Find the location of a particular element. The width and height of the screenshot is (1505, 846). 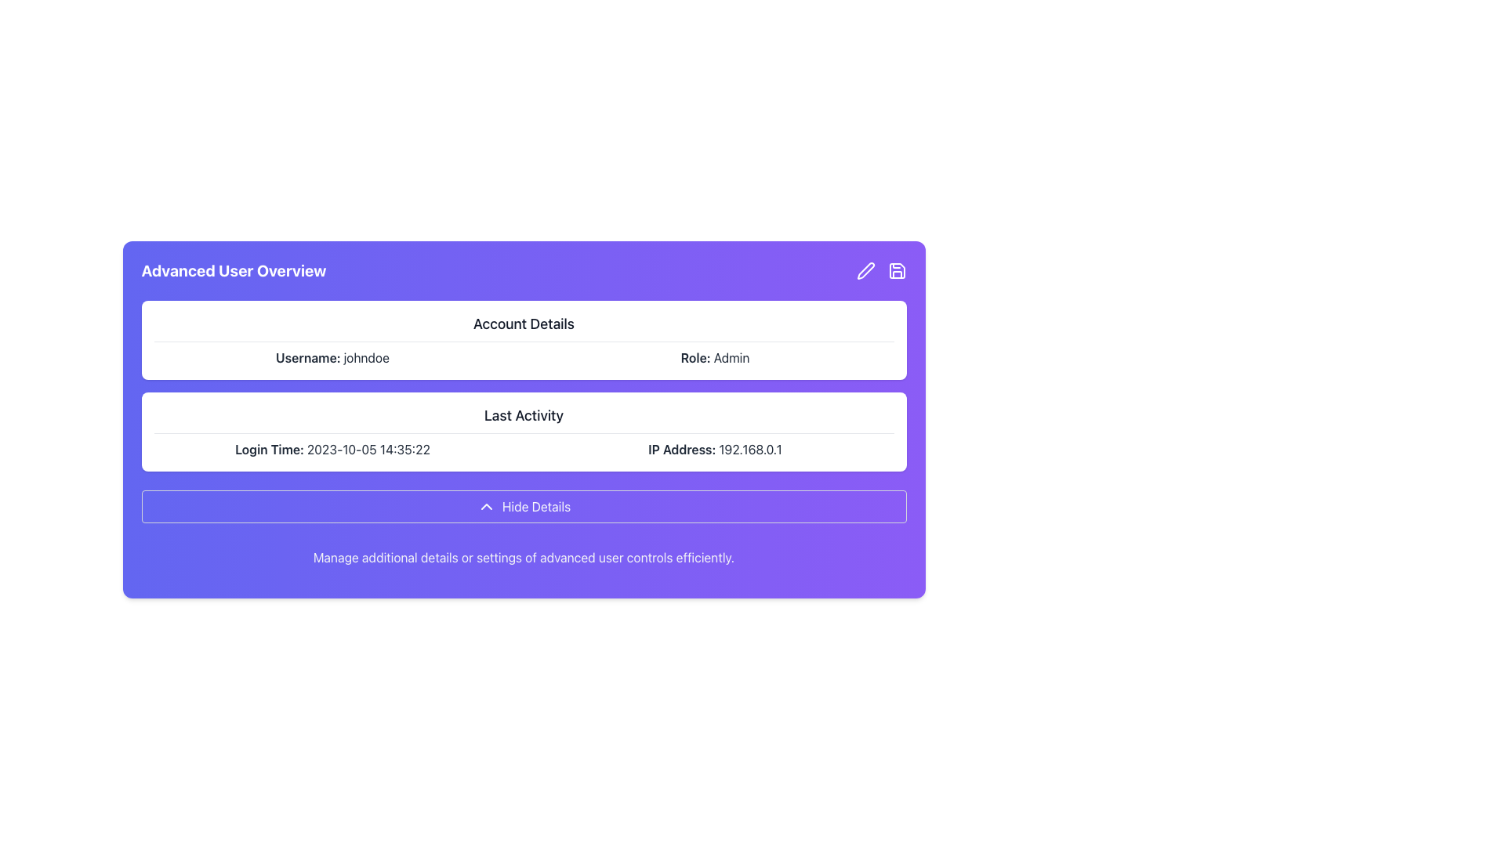

the text label element displaying the last login time, which is located next to the 'Login Time:' label in the 'Last Activity' section is located at coordinates (368, 450).